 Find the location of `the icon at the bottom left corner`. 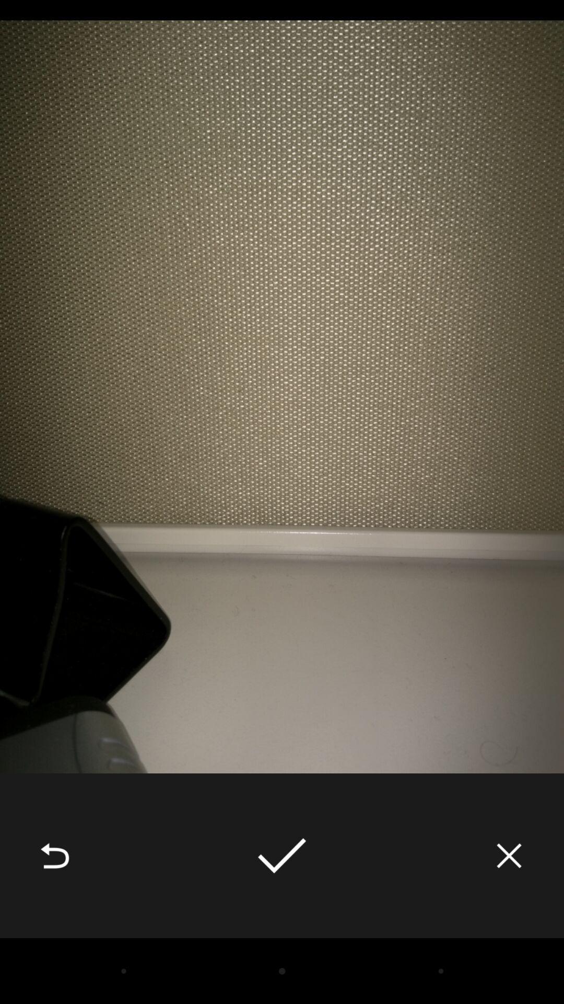

the icon at the bottom left corner is located at coordinates (54, 855).